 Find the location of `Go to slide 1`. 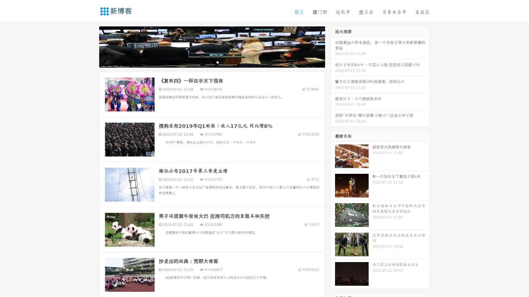

Go to slide 1 is located at coordinates (206, 62).